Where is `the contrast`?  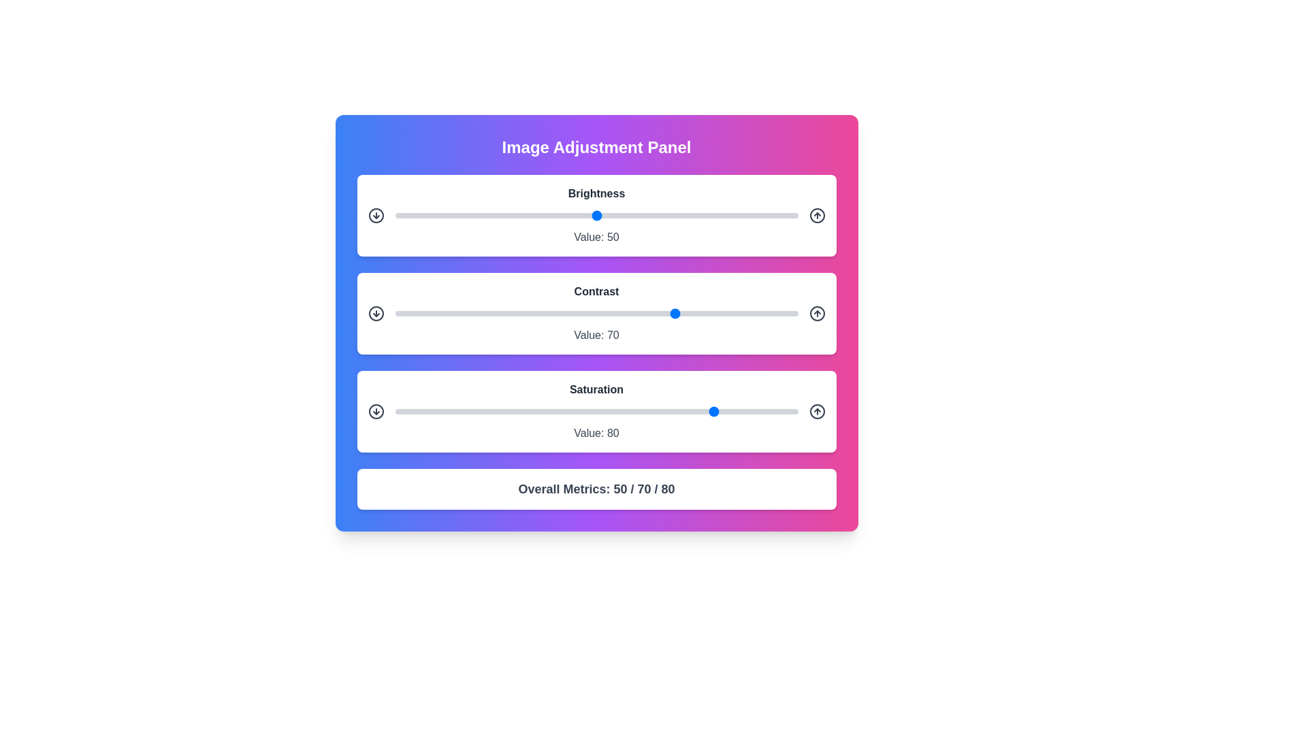 the contrast is located at coordinates (697, 314).